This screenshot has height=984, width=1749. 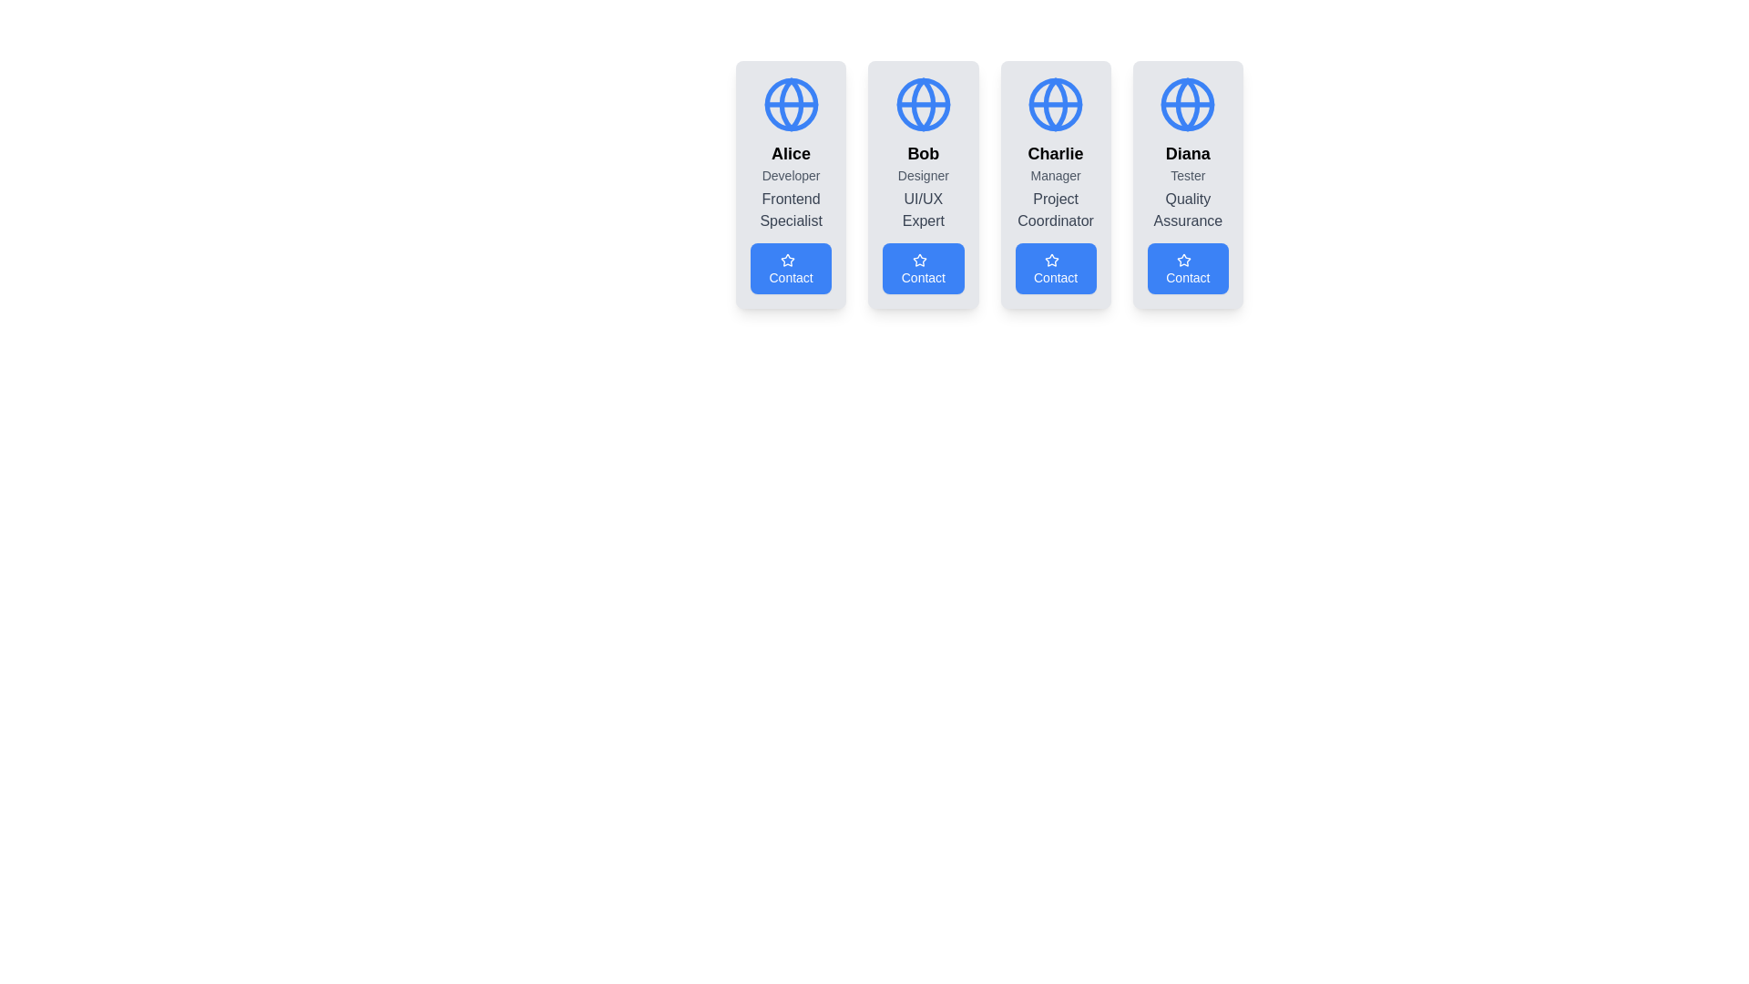 What do you see at coordinates (1052, 261) in the screenshot?
I see `the star-shaped icon located within the 'Contact' button at the bottom of Charlie's card, which is the third card from the left` at bounding box center [1052, 261].